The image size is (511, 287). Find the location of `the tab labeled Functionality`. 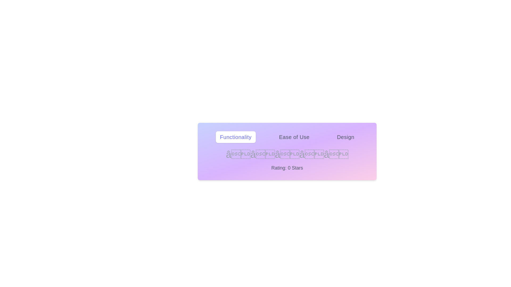

the tab labeled Functionality is located at coordinates (235, 137).